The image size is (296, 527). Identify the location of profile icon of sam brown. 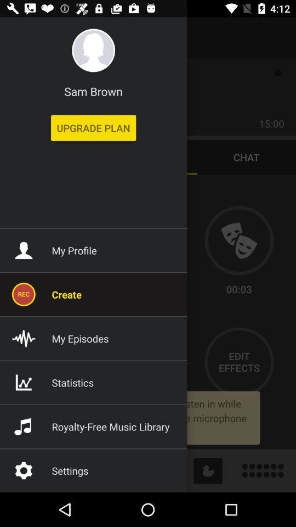
(93, 50).